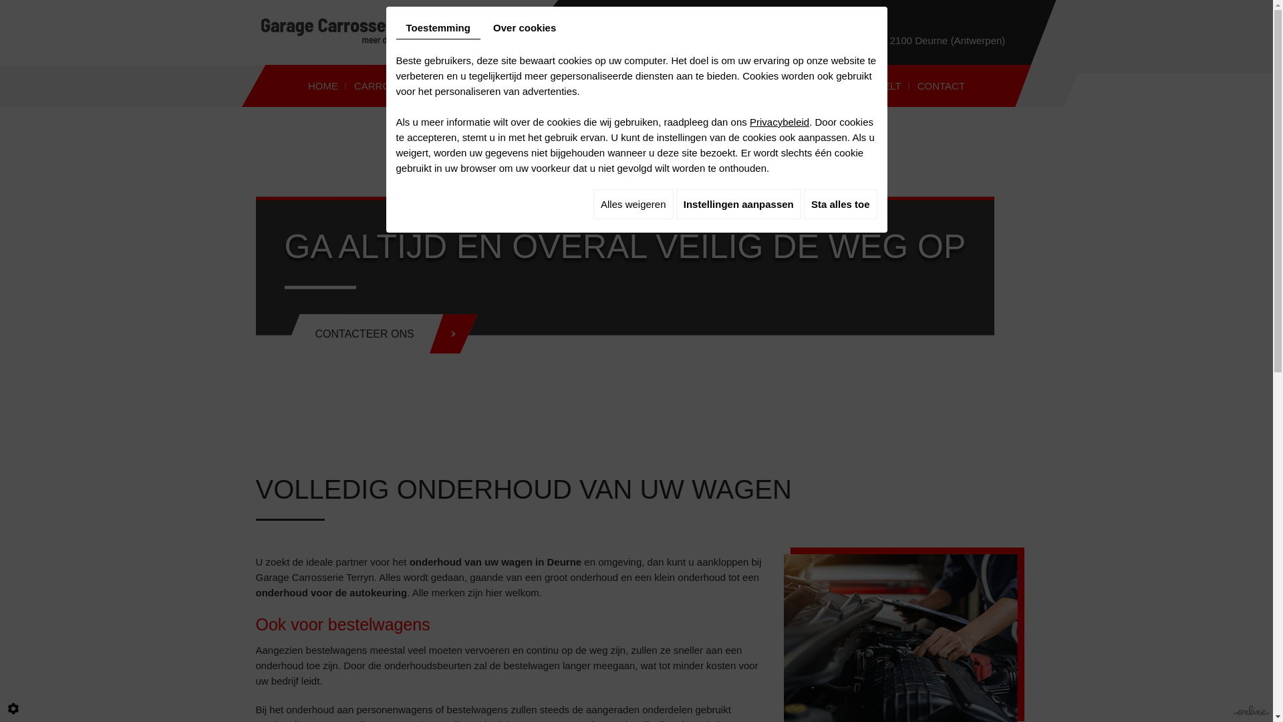 The width and height of the screenshot is (1283, 722). I want to click on 'Instellingen aanpassen', so click(738, 204).